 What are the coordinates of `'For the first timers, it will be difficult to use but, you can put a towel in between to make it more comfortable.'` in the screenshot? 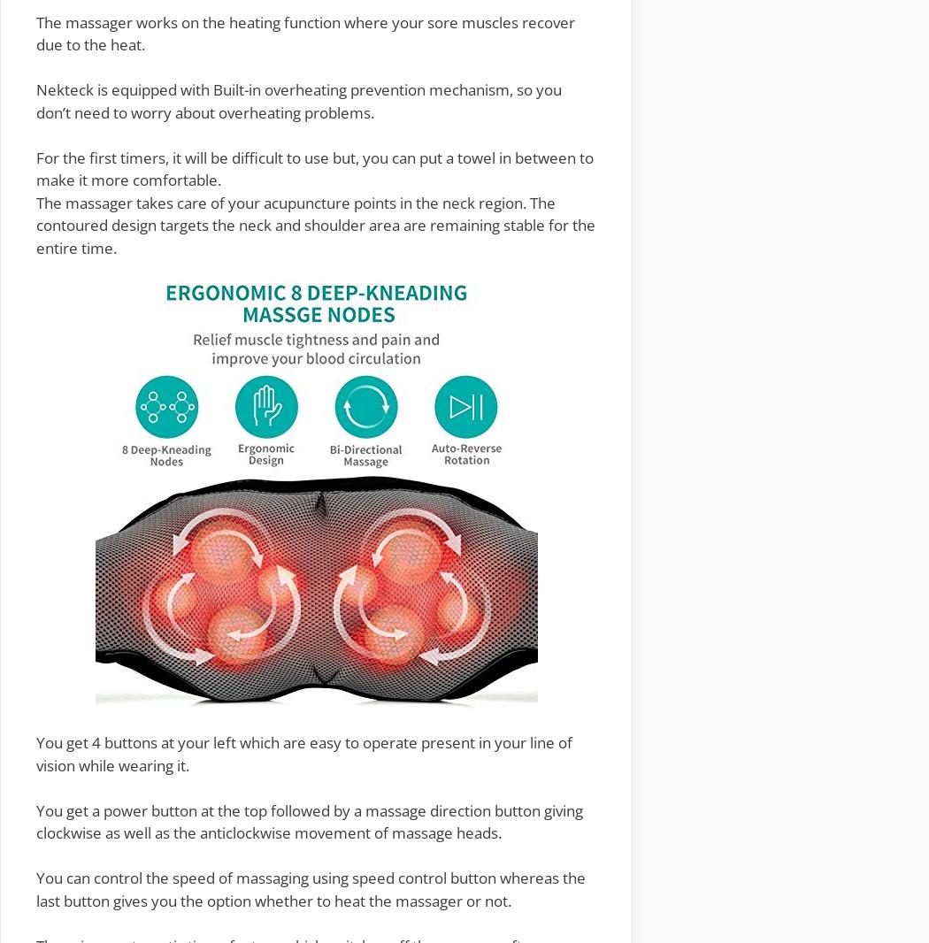 It's located at (313, 167).